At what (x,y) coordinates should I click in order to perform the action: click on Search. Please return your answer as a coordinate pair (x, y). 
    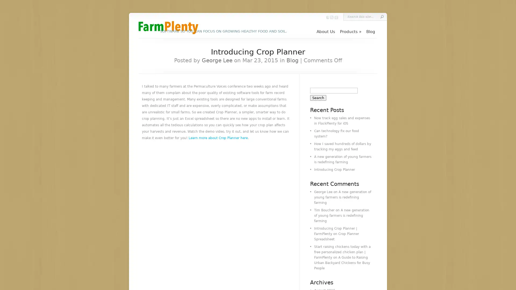
    Looking at the image, I should click on (318, 98).